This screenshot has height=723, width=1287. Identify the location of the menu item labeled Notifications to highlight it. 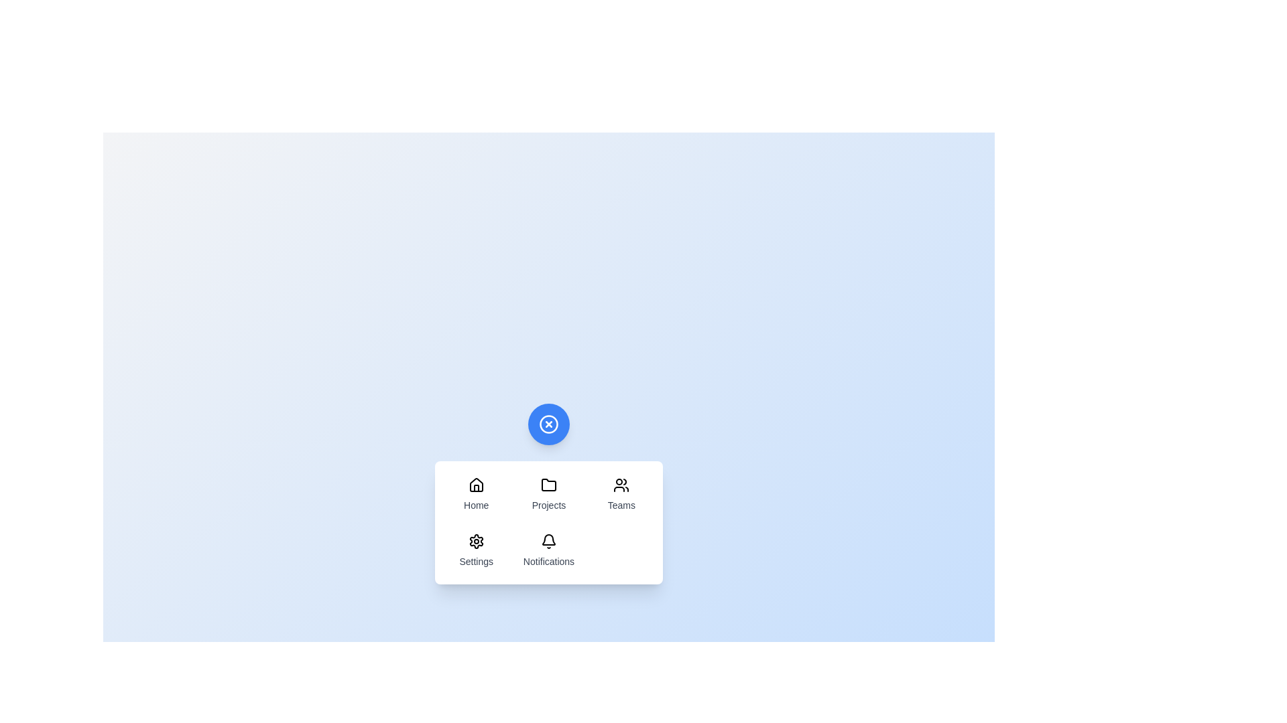
(549, 550).